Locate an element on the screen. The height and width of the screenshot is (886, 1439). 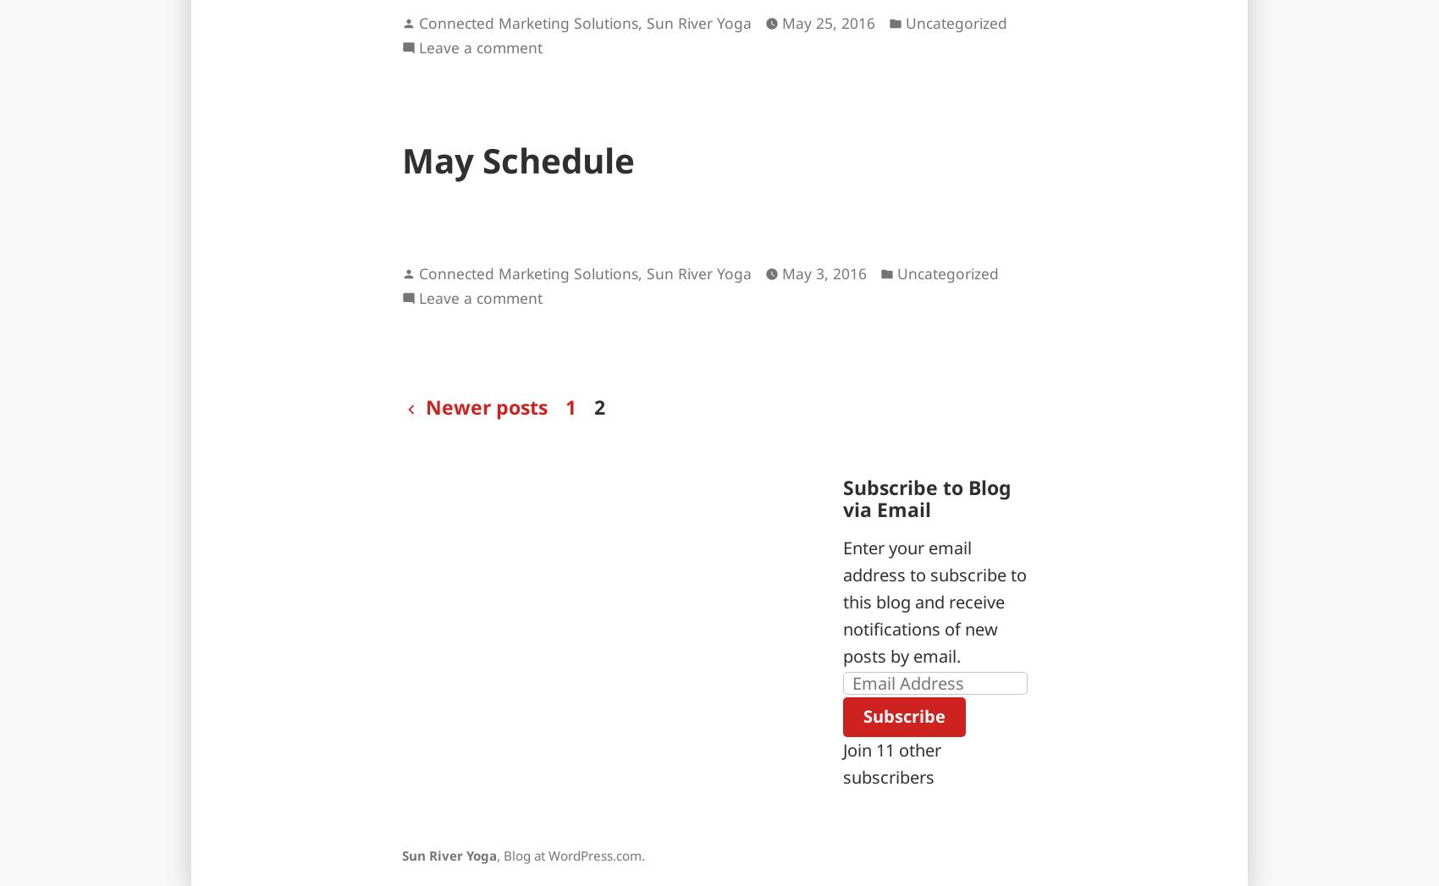
'Sun River Yoga' is located at coordinates (449, 855).